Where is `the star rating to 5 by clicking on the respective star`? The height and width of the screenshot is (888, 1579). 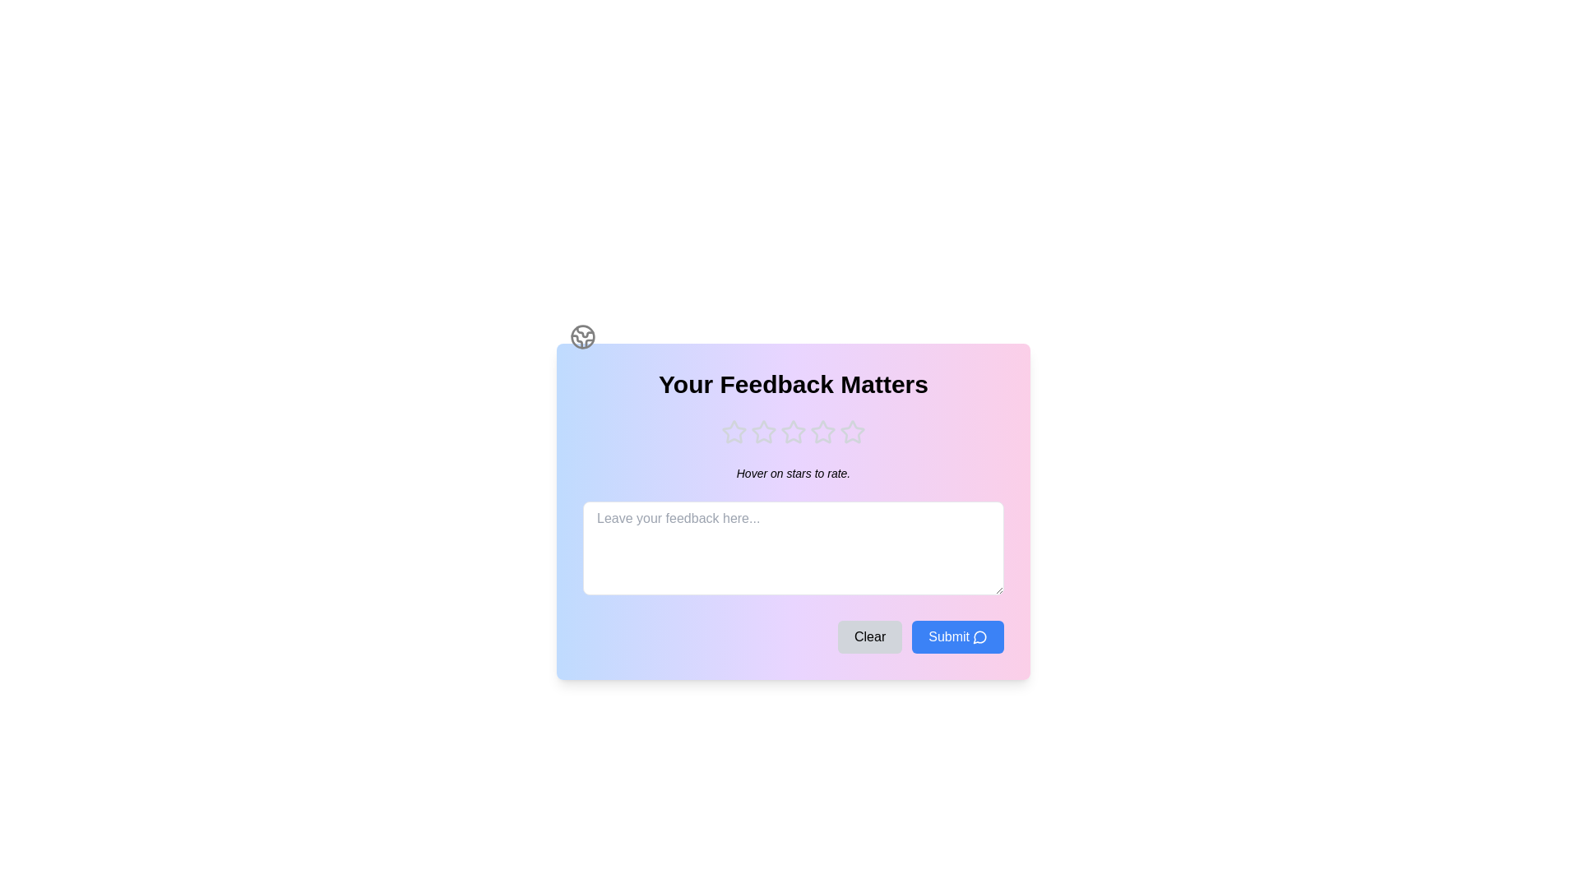 the star rating to 5 by clicking on the respective star is located at coordinates (852, 431).